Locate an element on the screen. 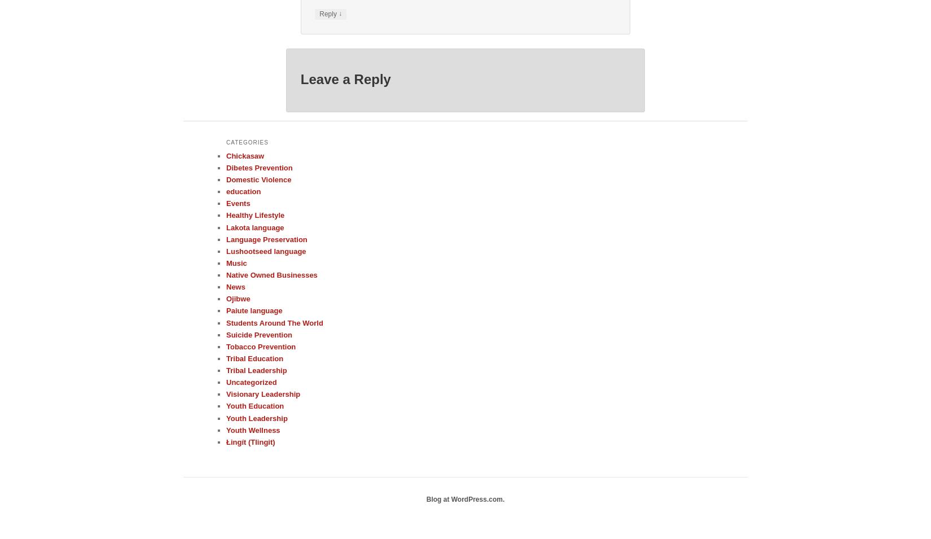  'education' is located at coordinates (243, 191).